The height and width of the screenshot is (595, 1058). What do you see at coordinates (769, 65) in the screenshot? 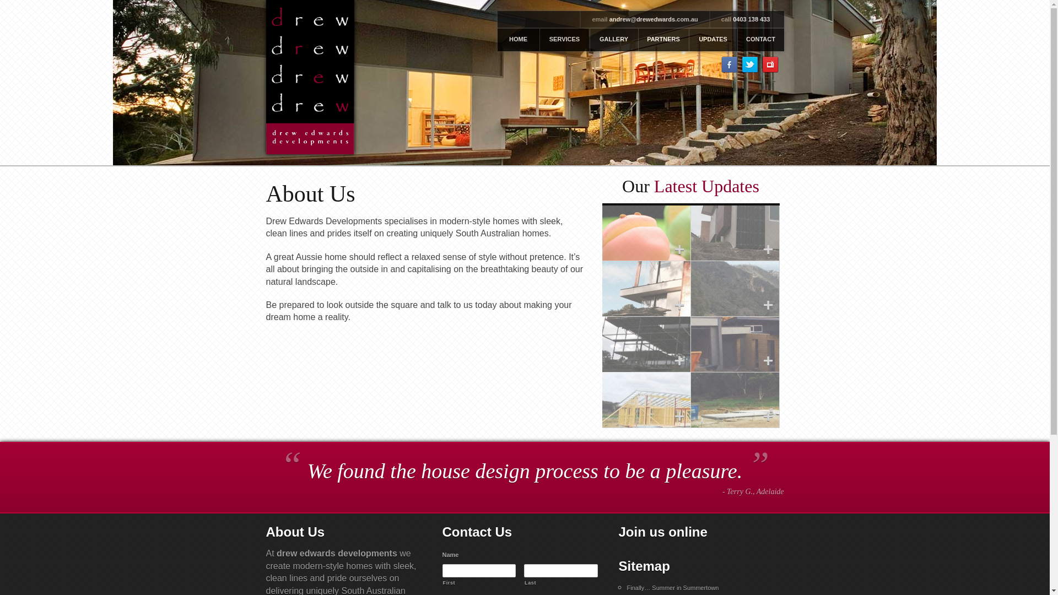
I see `'Watch us on YouTube'` at bounding box center [769, 65].